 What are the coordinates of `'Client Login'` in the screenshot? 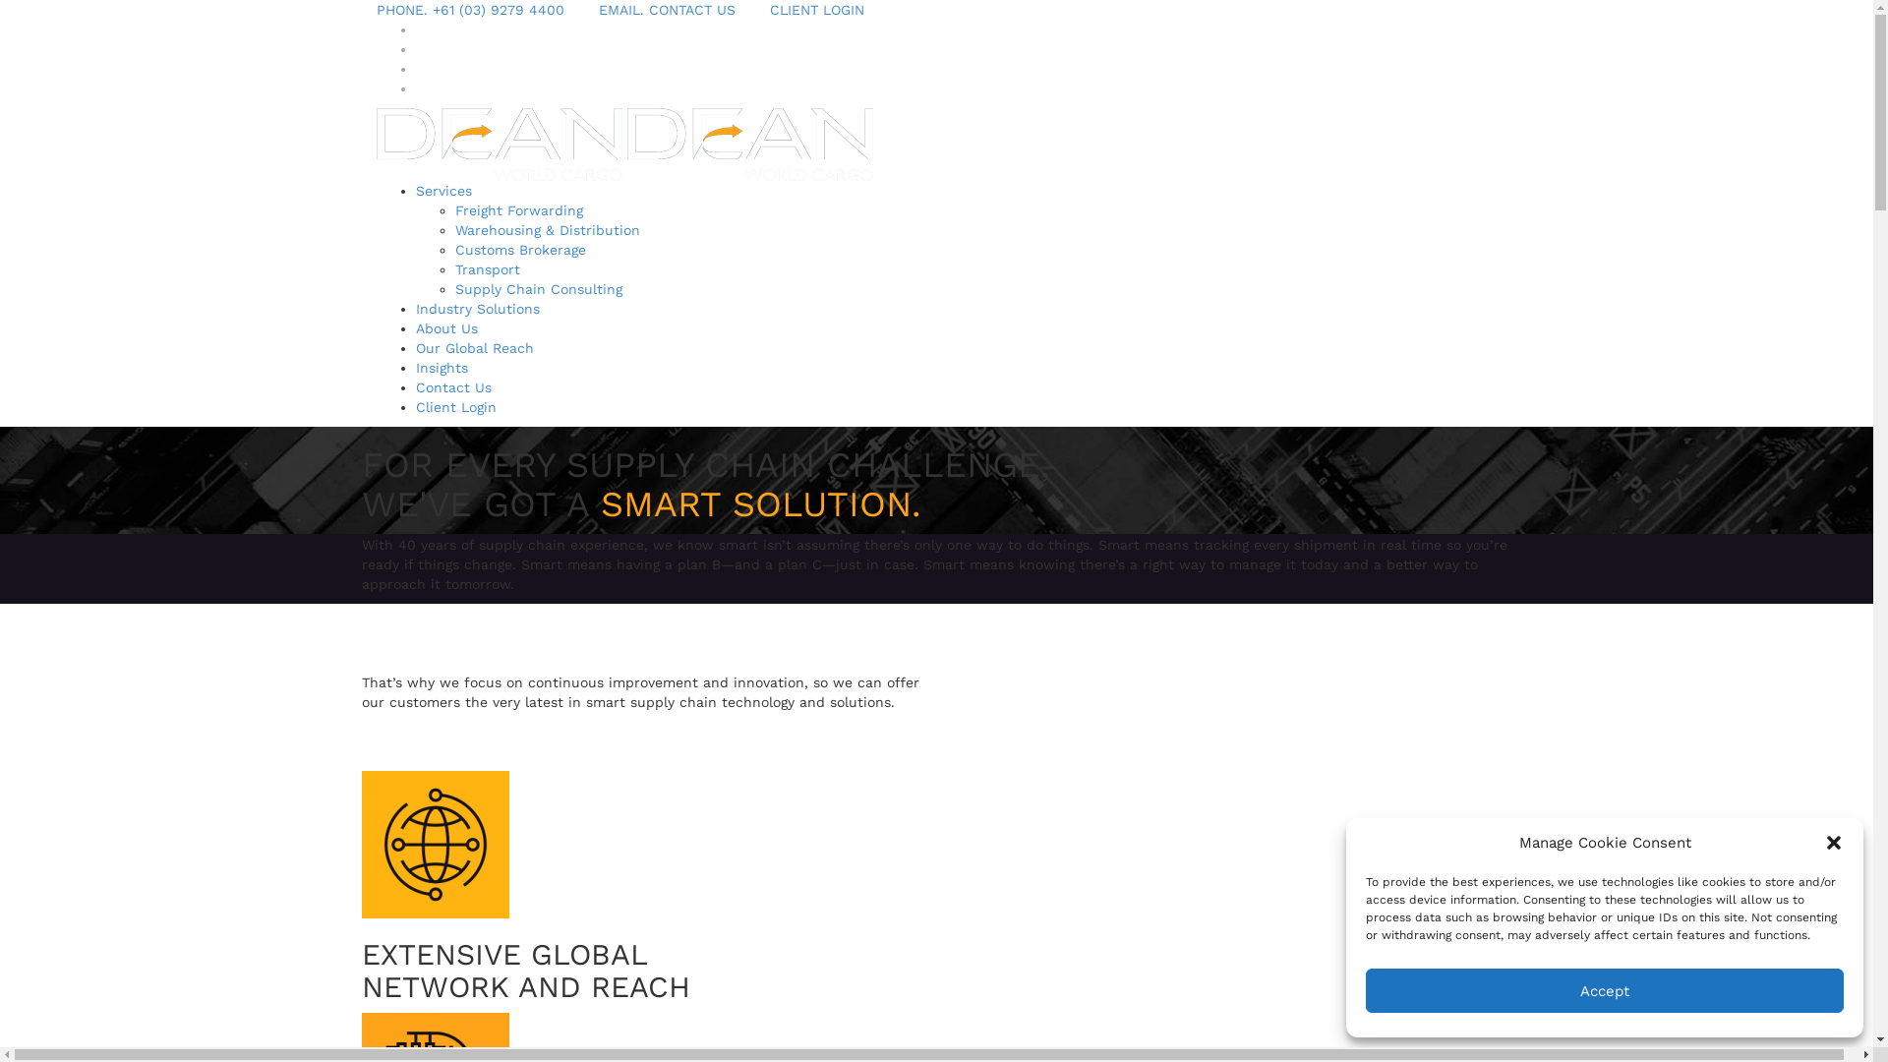 It's located at (453, 405).